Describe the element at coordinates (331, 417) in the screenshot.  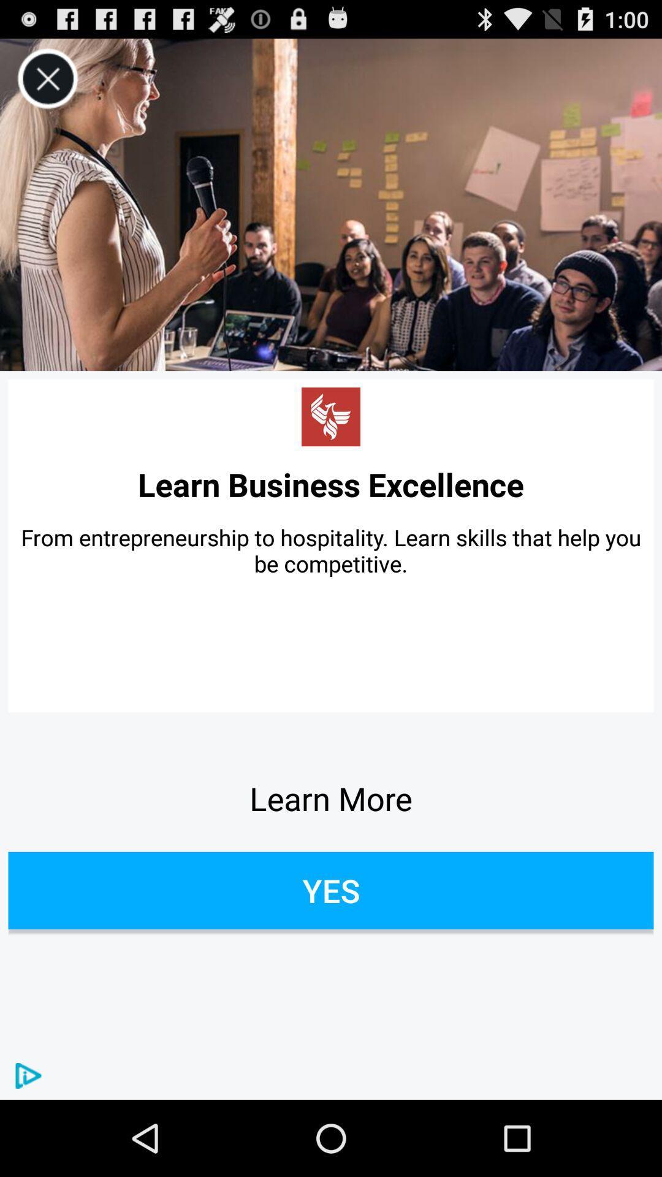
I see `go home` at that location.